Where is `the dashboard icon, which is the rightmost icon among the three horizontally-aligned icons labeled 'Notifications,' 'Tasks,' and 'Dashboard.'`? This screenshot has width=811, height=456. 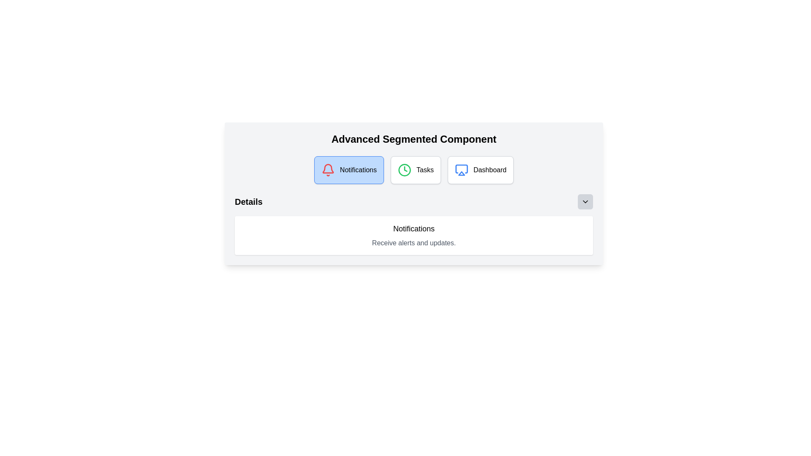
the dashboard icon, which is the rightmost icon among the three horizontally-aligned icons labeled 'Notifications,' 'Tasks,' and 'Dashboard.' is located at coordinates (461, 169).